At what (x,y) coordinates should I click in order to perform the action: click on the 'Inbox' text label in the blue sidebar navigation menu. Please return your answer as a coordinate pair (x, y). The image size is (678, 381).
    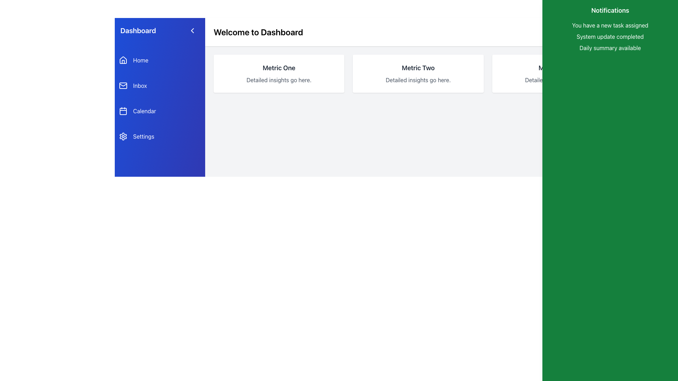
    Looking at the image, I should click on (140, 85).